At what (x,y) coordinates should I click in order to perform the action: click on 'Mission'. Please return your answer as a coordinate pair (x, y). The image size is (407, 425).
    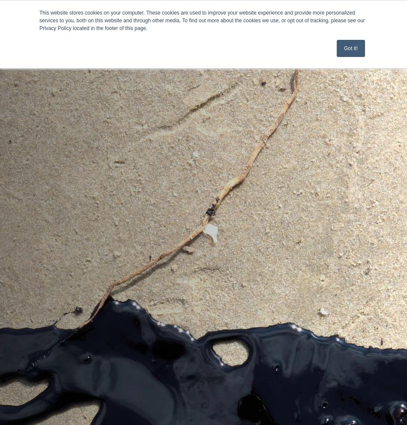
    Looking at the image, I should click on (20, 68).